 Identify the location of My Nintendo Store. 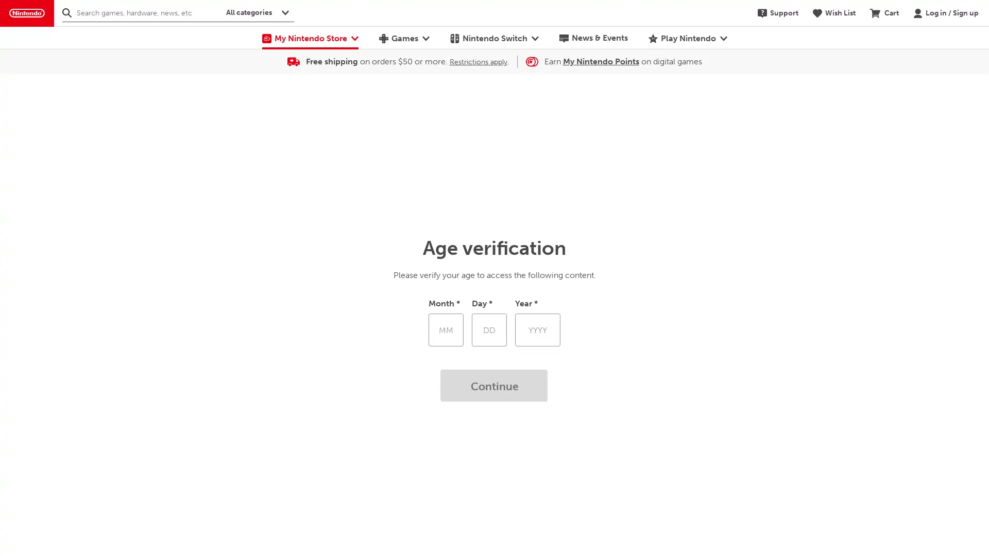
(309, 37).